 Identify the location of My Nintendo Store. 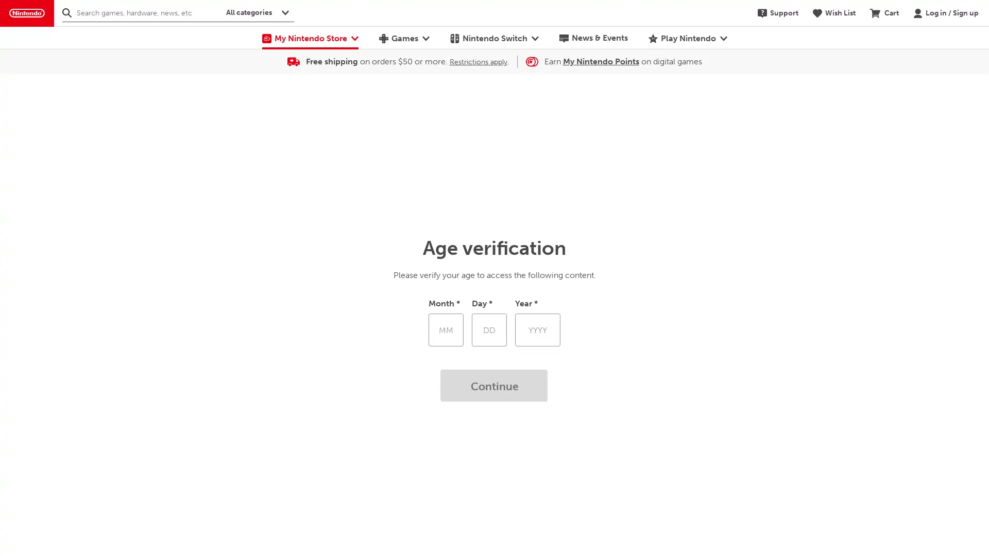
(309, 37).